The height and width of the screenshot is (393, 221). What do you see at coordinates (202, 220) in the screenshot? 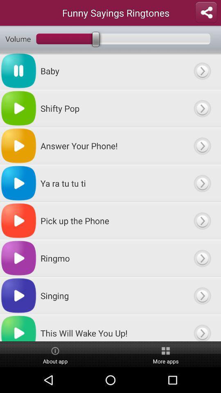
I see `selected option` at bounding box center [202, 220].